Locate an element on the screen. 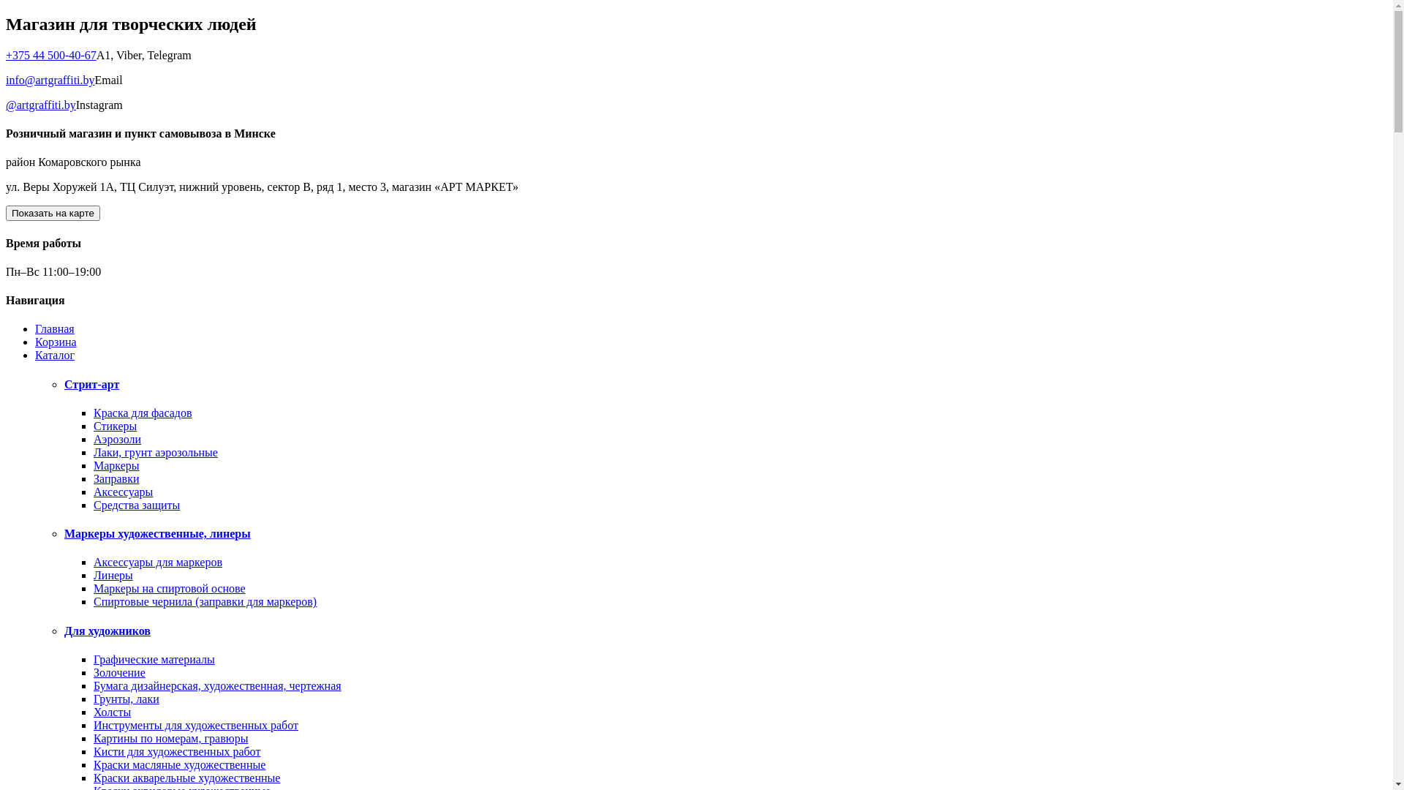 Image resolution: width=1404 pixels, height=790 pixels. 'info@artgraffiti.by' is located at coordinates (50, 80).